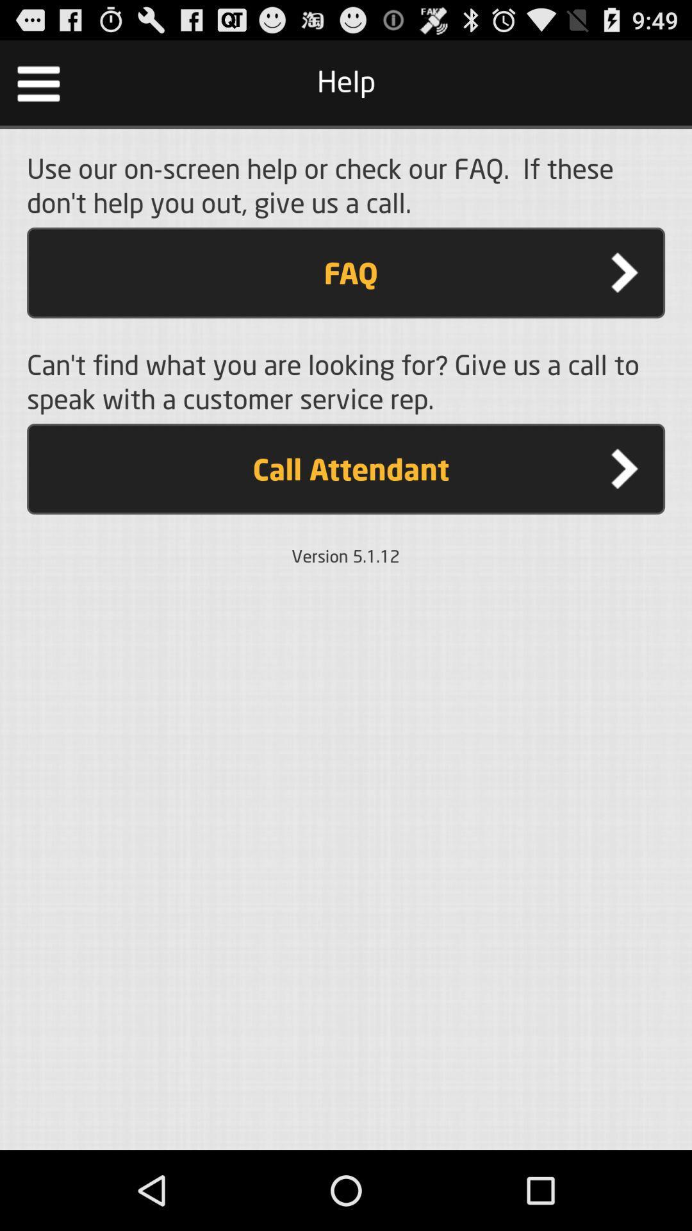  Describe the element at coordinates (38, 88) in the screenshot. I see `the menu icon` at that location.